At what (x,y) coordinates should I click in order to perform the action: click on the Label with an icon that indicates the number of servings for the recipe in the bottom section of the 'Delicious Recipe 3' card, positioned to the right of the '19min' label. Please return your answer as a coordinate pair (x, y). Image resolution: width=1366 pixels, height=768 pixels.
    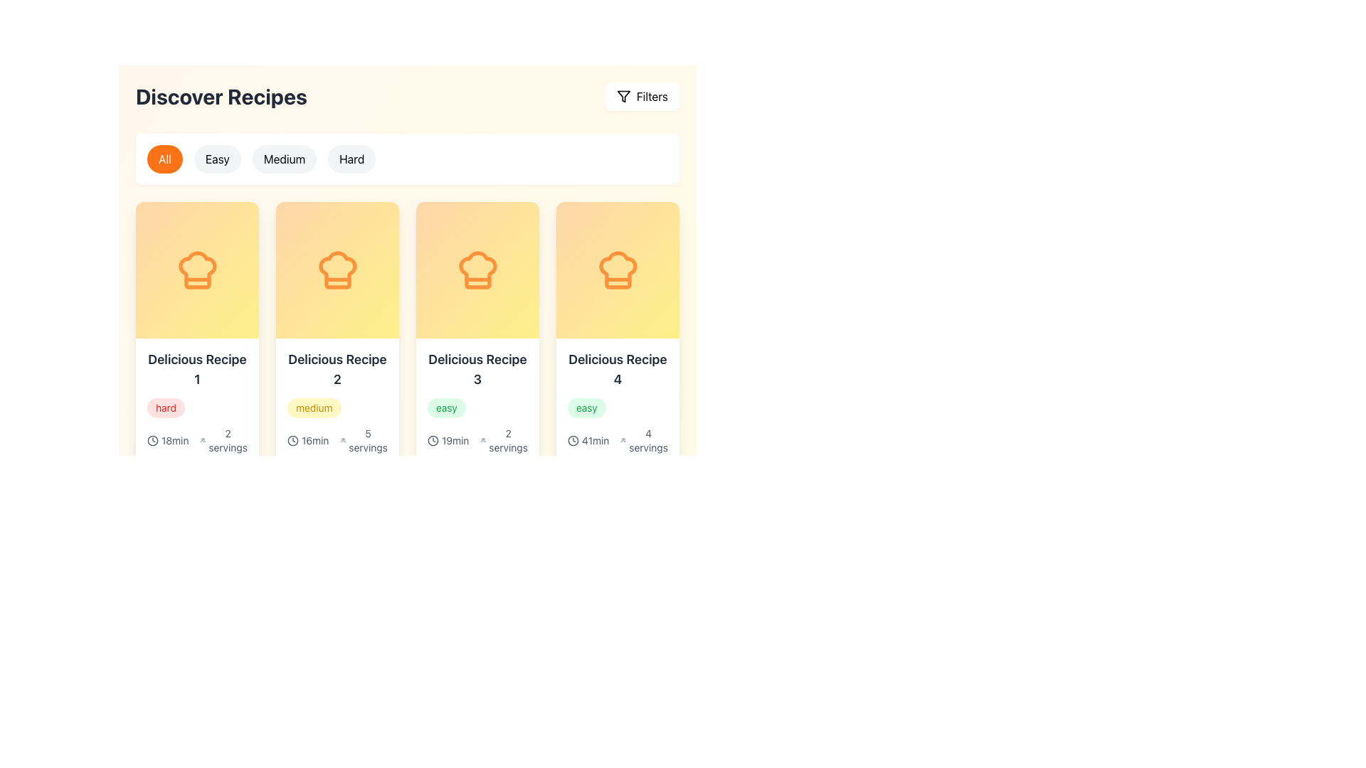
    Looking at the image, I should click on (504, 440).